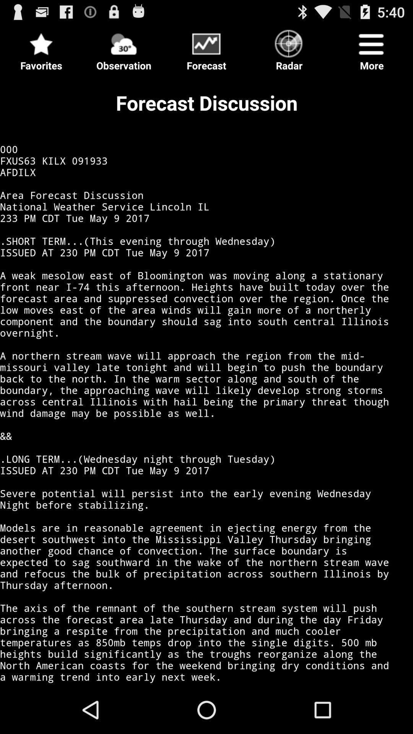 This screenshot has width=413, height=734. What do you see at coordinates (124, 47) in the screenshot?
I see `the button next to the favorites button` at bounding box center [124, 47].